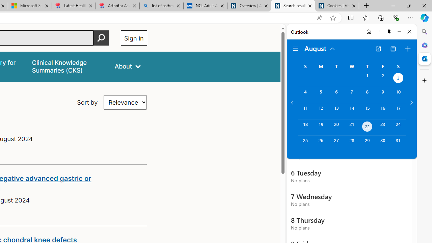 The width and height of the screenshot is (432, 243). Describe the element at coordinates (389, 31) in the screenshot. I see `'Unpin side pane'` at that location.